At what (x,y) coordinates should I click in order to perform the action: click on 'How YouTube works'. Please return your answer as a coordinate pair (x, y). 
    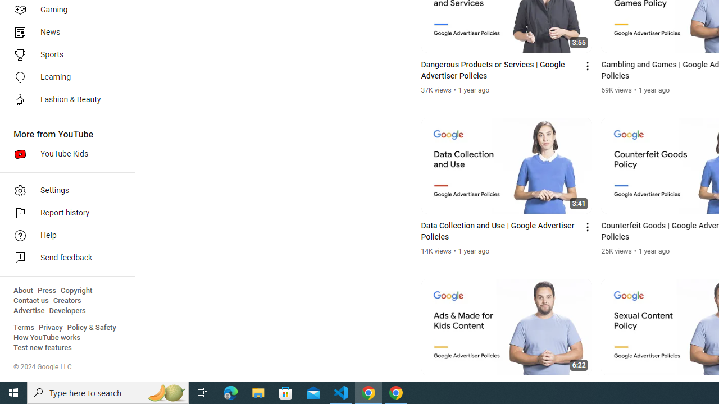
    Looking at the image, I should click on (46, 337).